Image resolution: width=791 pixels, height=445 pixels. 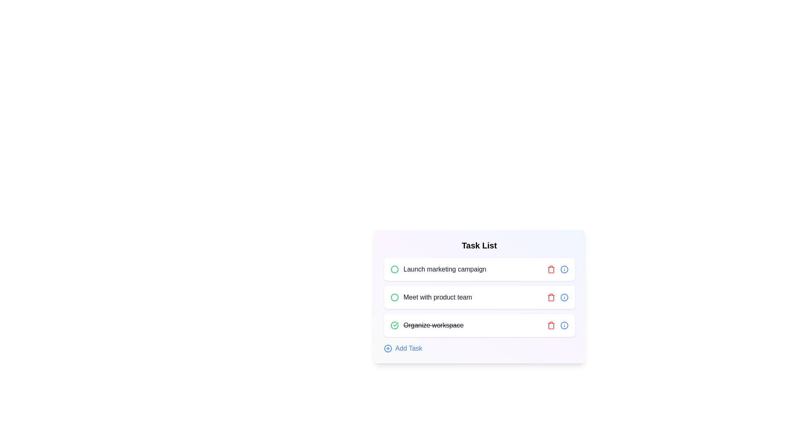 What do you see at coordinates (564, 269) in the screenshot?
I see `the info button for the task named Launch marketing campaign` at bounding box center [564, 269].